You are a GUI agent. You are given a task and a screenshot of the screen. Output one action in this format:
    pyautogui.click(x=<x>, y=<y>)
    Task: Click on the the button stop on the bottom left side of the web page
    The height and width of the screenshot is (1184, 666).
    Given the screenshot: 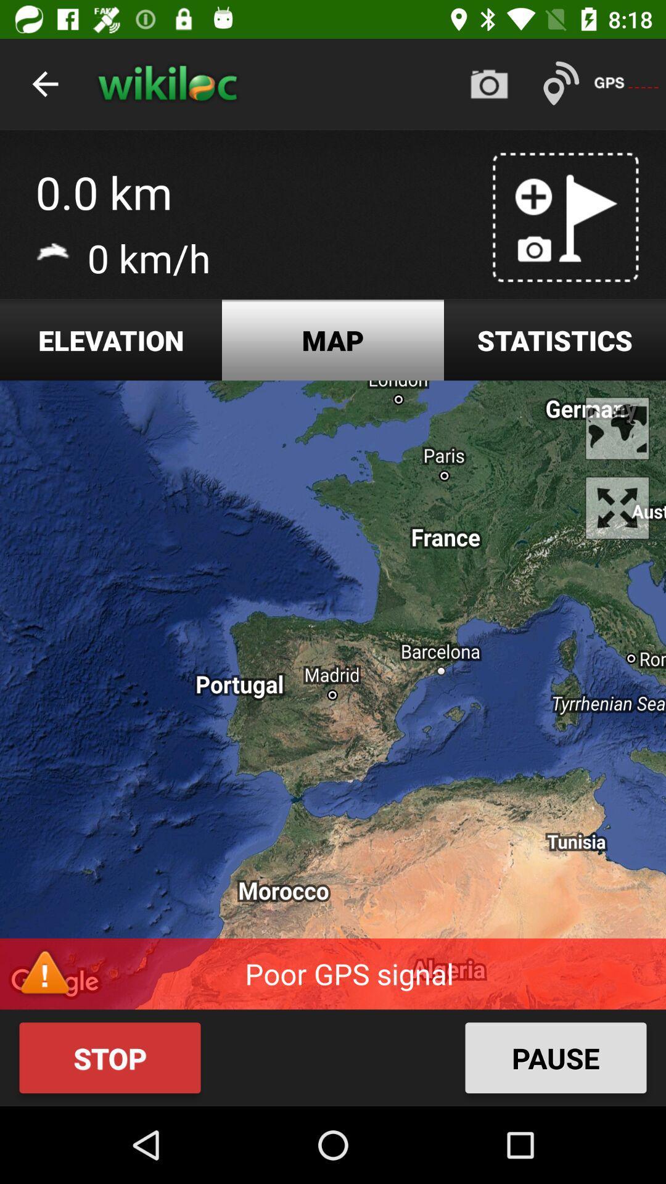 What is the action you would take?
    pyautogui.click(x=109, y=1057)
    